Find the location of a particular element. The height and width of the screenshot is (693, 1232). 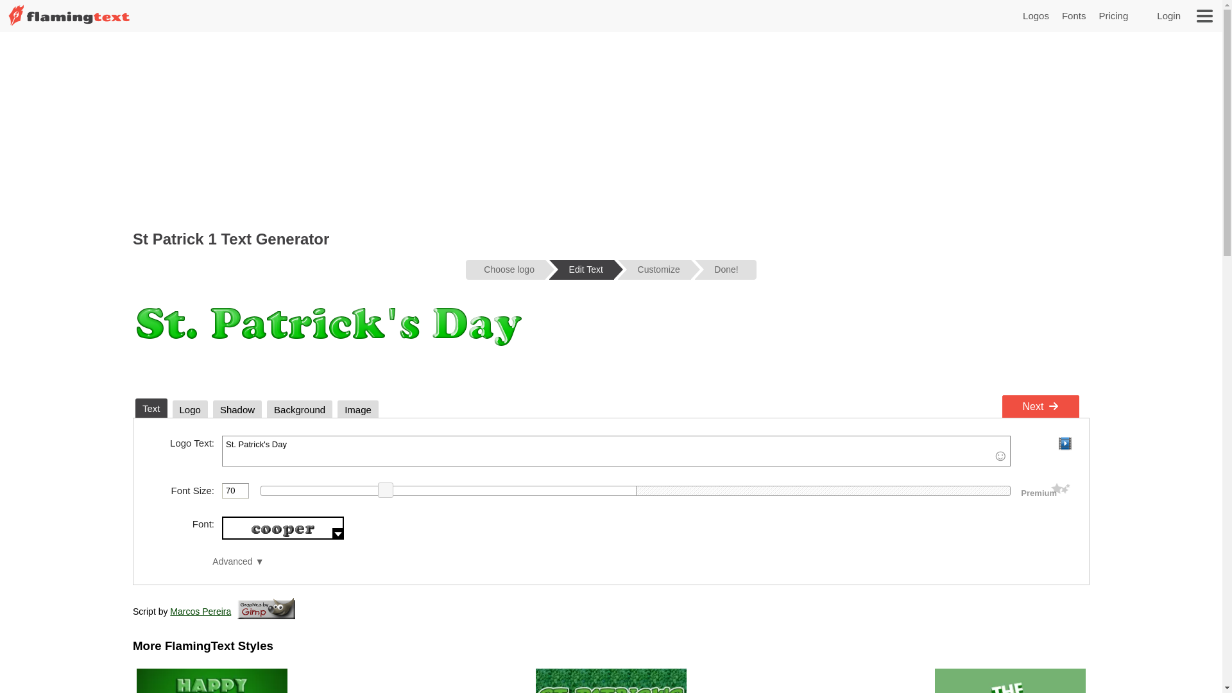

'Menu' is located at coordinates (1204, 15).